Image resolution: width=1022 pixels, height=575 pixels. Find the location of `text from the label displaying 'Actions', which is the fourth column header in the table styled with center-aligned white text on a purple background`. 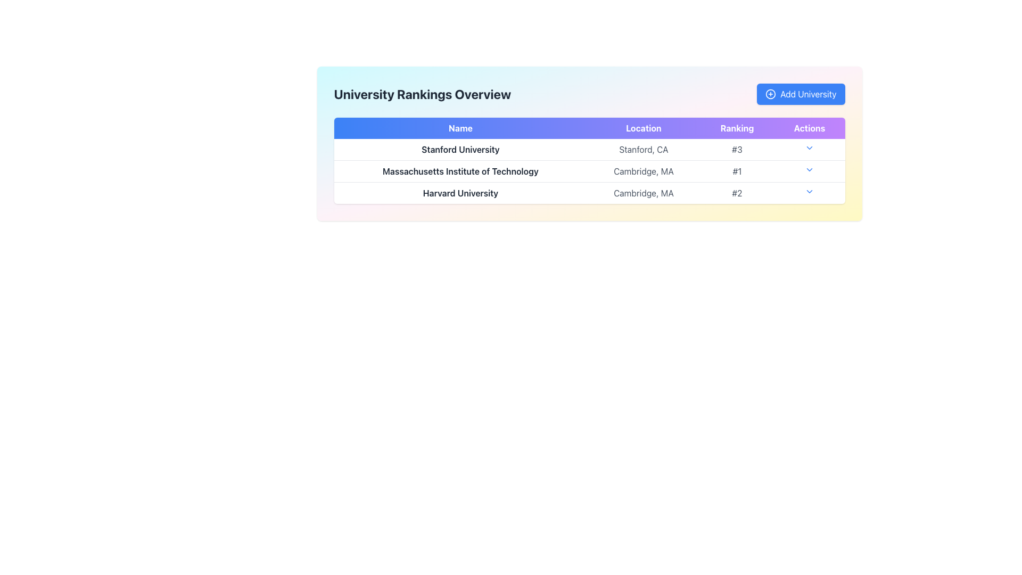

text from the label displaying 'Actions', which is the fourth column header in the table styled with center-aligned white text on a purple background is located at coordinates (809, 127).